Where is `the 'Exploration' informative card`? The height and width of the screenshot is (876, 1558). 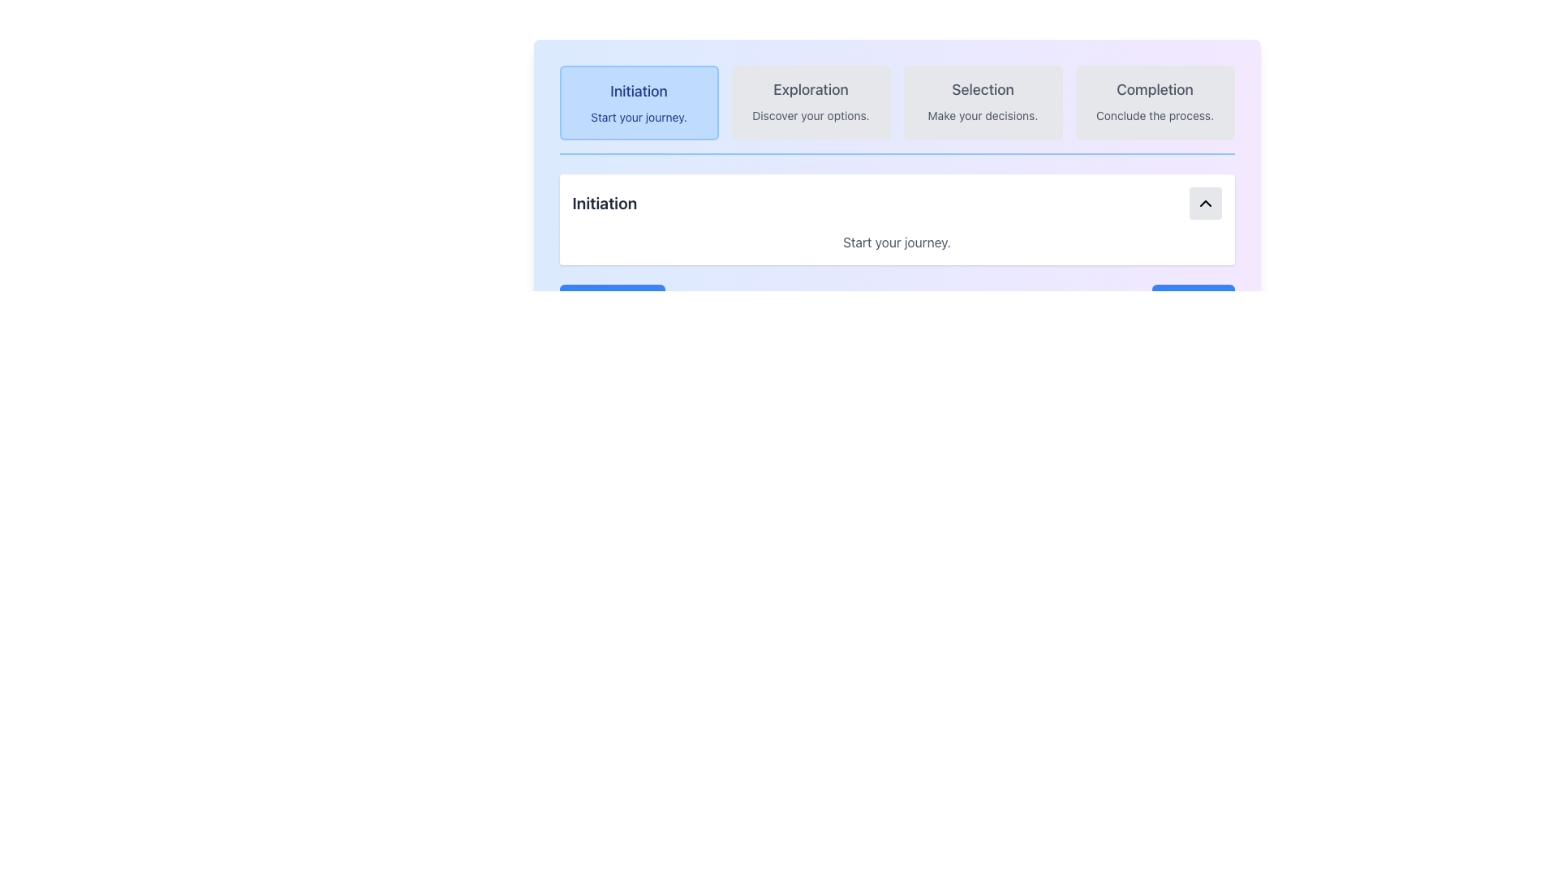
the 'Exploration' informative card is located at coordinates (811, 103).